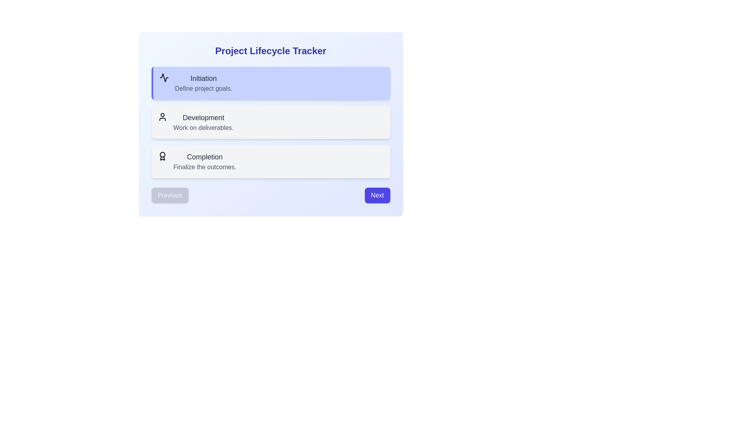 Image resolution: width=754 pixels, height=424 pixels. I want to click on the completion icon located to the left of the text content under the 'Completion - Finalize the outcomes.' title, so click(162, 156).